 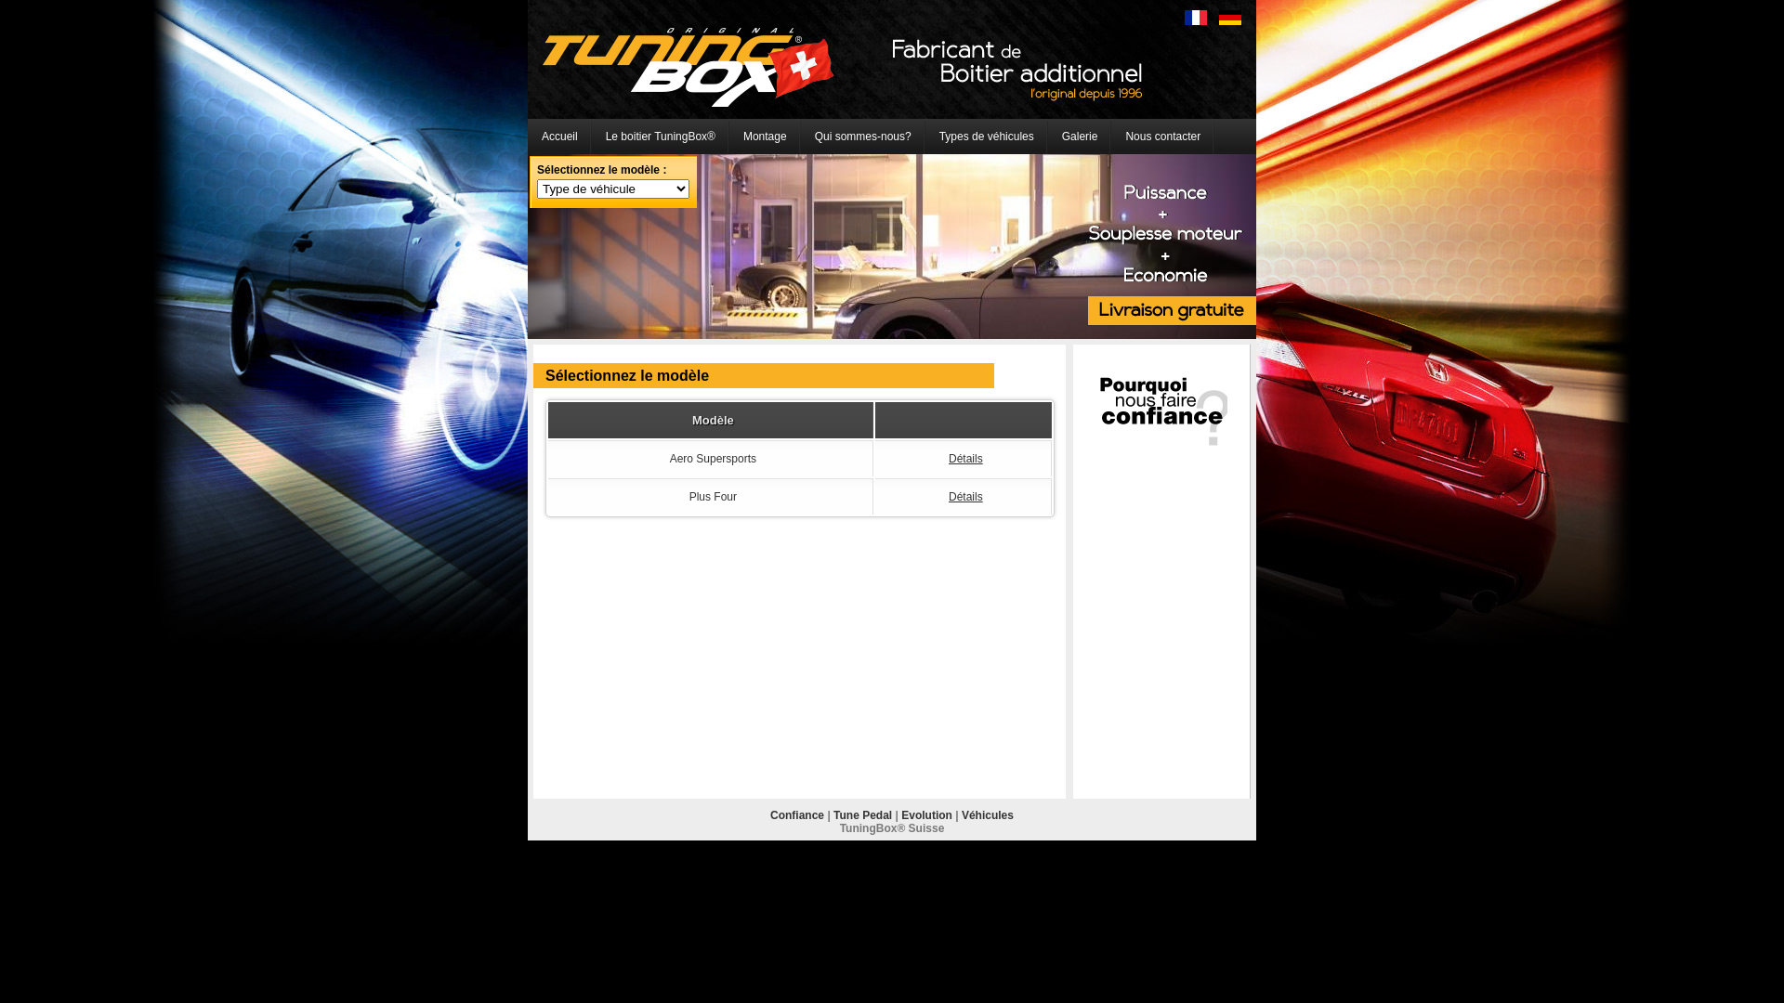 I want to click on 'Nous contacter', so click(x=1110, y=135).